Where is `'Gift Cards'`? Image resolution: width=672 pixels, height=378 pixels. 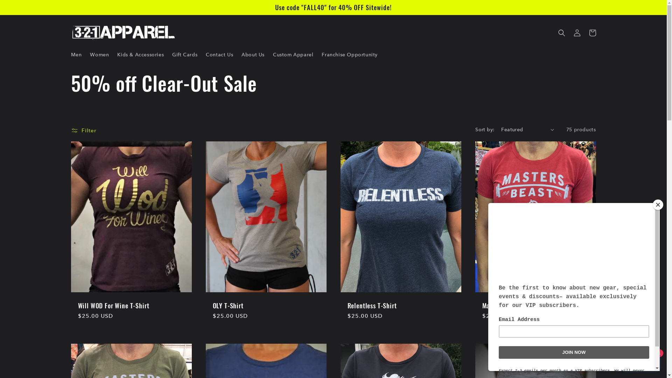
'Gift Cards' is located at coordinates (185, 54).